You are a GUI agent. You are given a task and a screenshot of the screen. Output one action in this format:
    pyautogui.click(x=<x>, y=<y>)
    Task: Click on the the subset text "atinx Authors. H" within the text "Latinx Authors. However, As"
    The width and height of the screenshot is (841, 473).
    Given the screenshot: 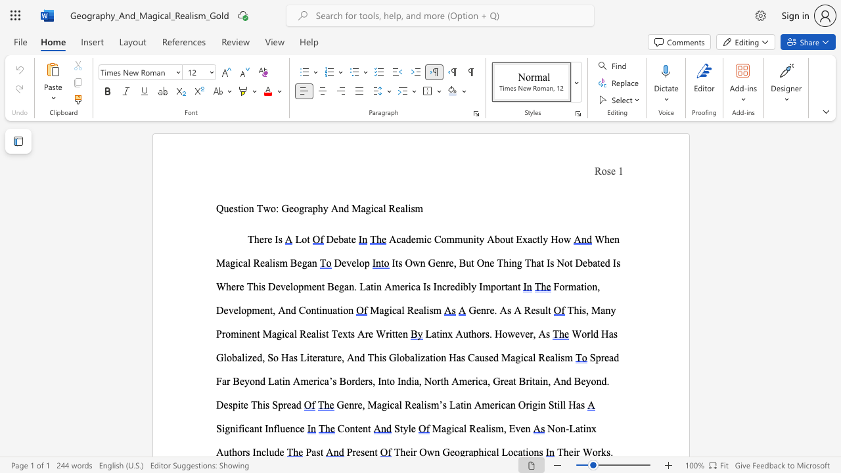 What is the action you would take?
    pyautogui.click(x=432, y=333)
    